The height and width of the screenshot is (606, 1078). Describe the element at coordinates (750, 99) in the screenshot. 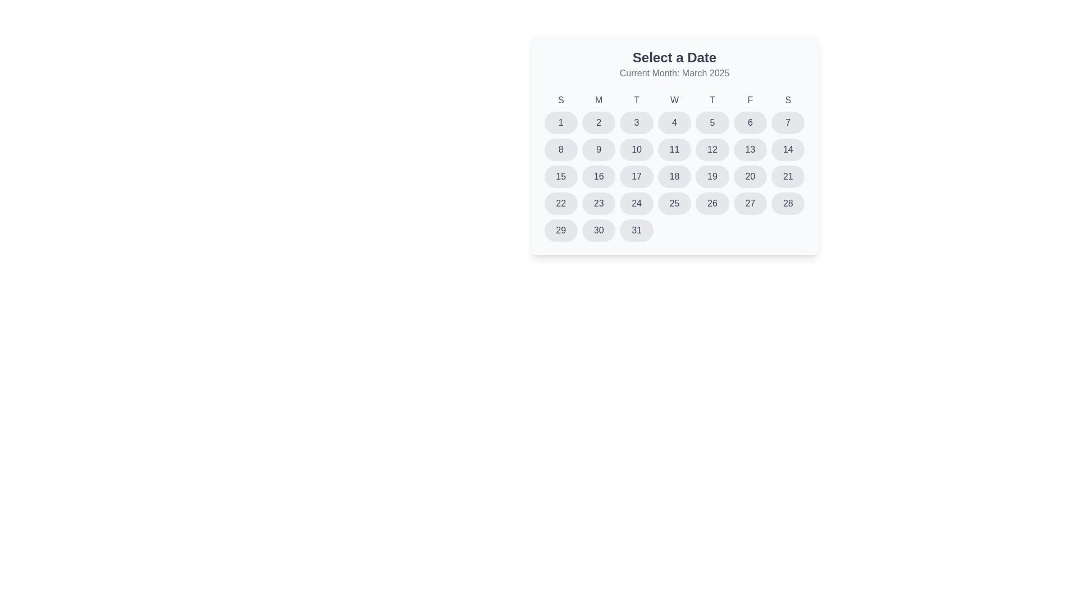

I see `the text label for Friday in the calendar, which is the sixth label in the grid layout, positioned between Thursday and Saturday` at that location.